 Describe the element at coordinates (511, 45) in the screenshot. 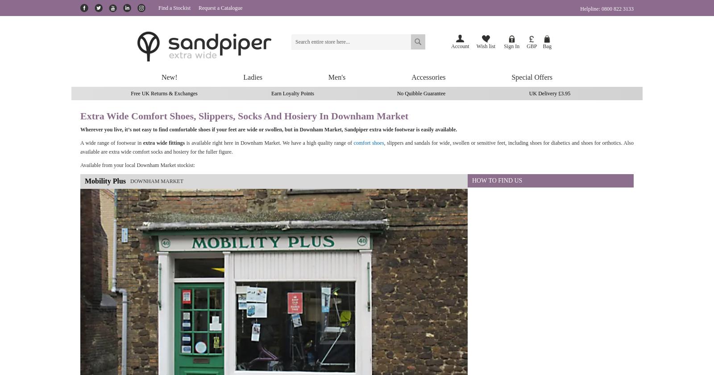

I see `'Sign In'` at that location.